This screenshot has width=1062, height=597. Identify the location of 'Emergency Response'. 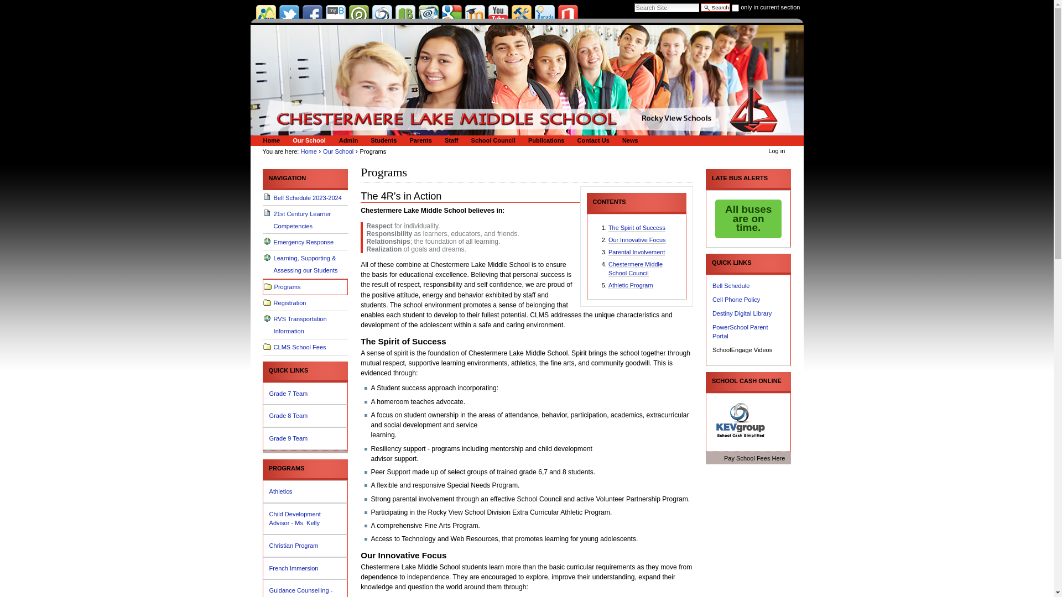
(305, 242).